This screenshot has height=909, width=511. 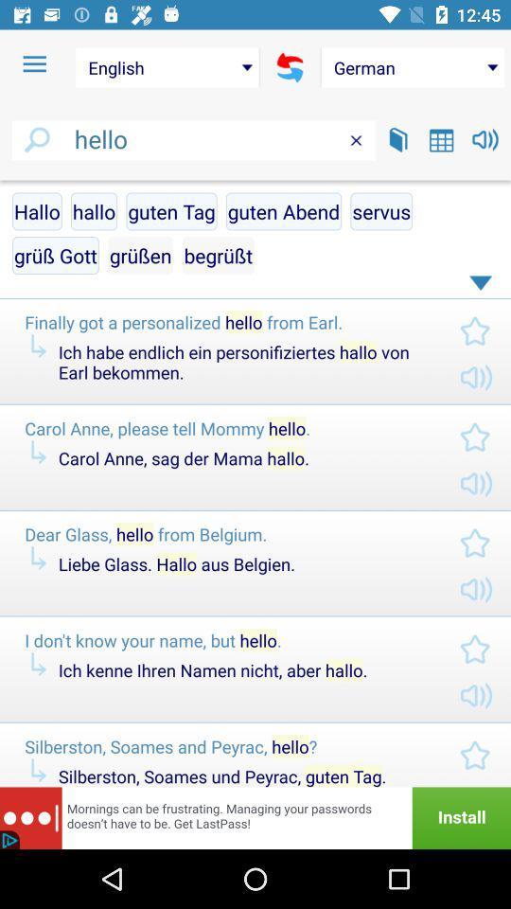 What do you see at coordinates (290, 67) in the screenshot?
I see `switch translation selections` at bounding box center [290, 67].